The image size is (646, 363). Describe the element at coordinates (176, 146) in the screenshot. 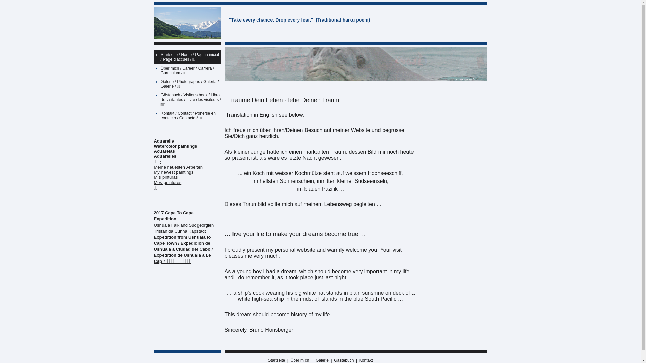

I see `'Watercolor paintings'` at that location.